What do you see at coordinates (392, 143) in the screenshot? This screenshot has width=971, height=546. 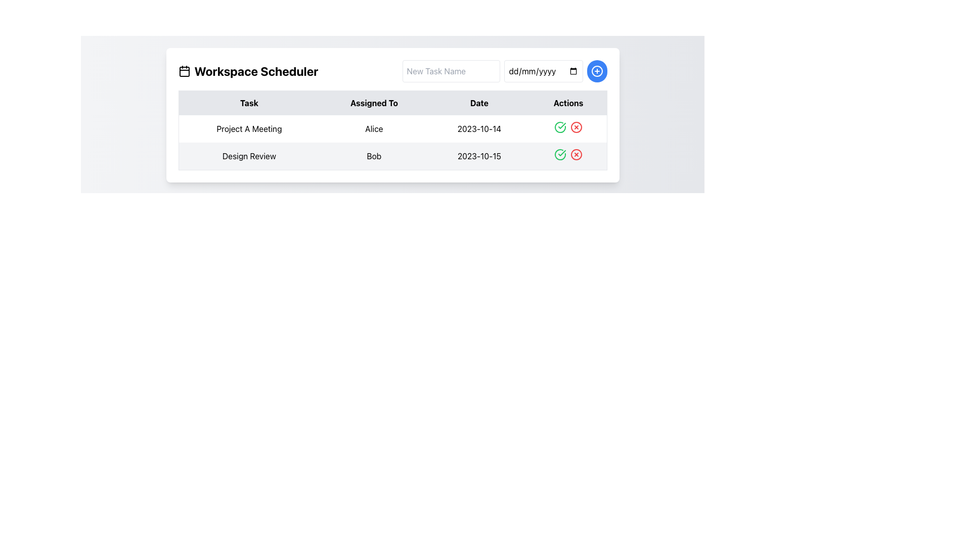 I see `the second row in the table displaying the task titled 'Design Review', assigned` at bounding box center [392, 143].